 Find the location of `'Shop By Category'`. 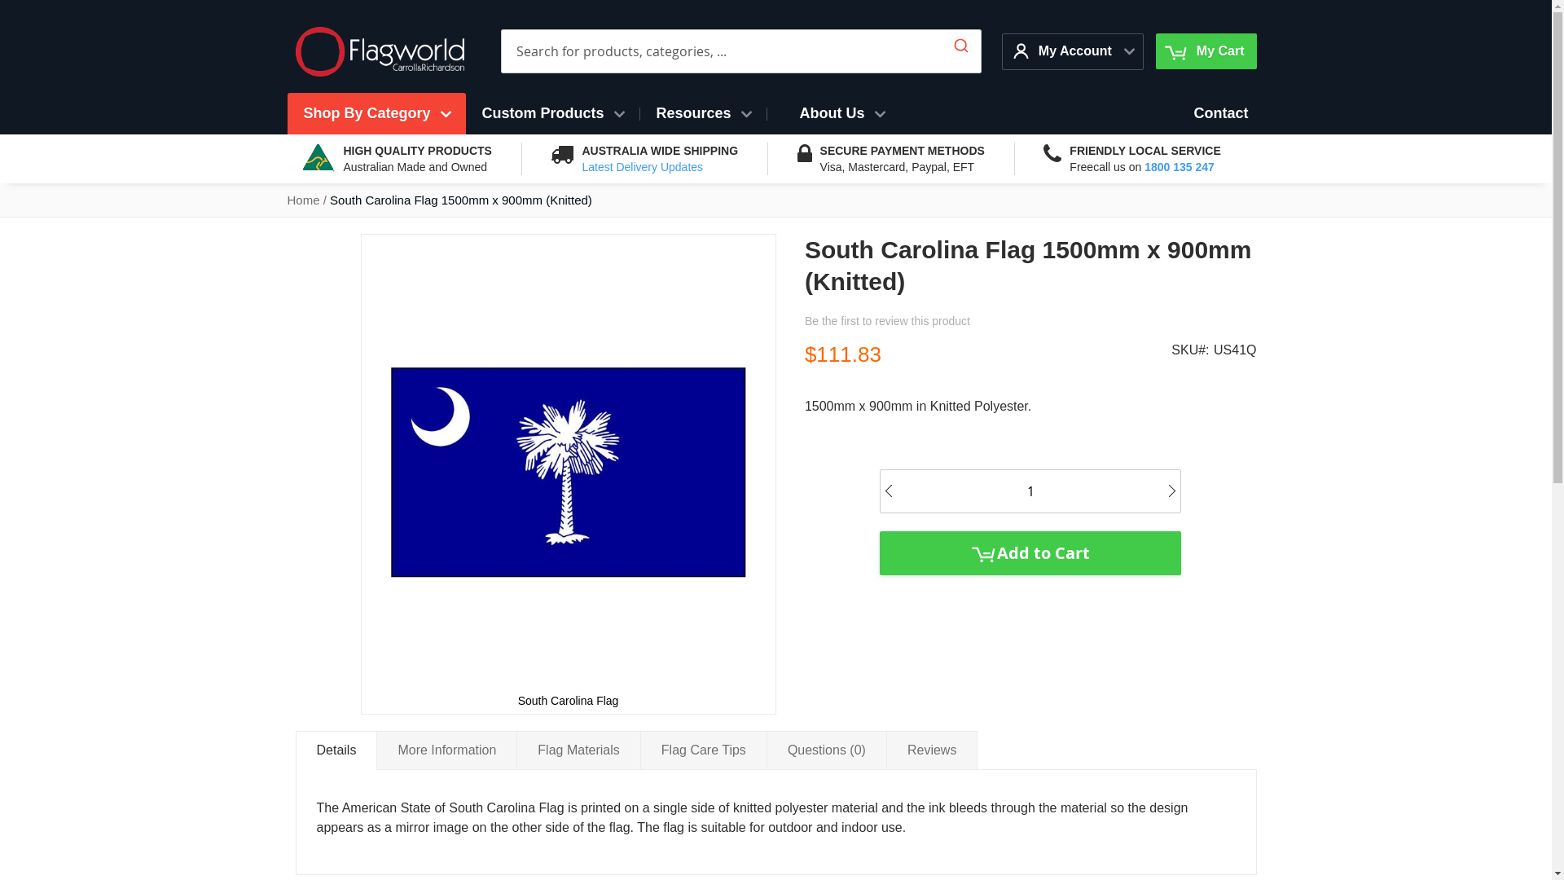

'Shop By Category' is located at coordinates (375, 112).